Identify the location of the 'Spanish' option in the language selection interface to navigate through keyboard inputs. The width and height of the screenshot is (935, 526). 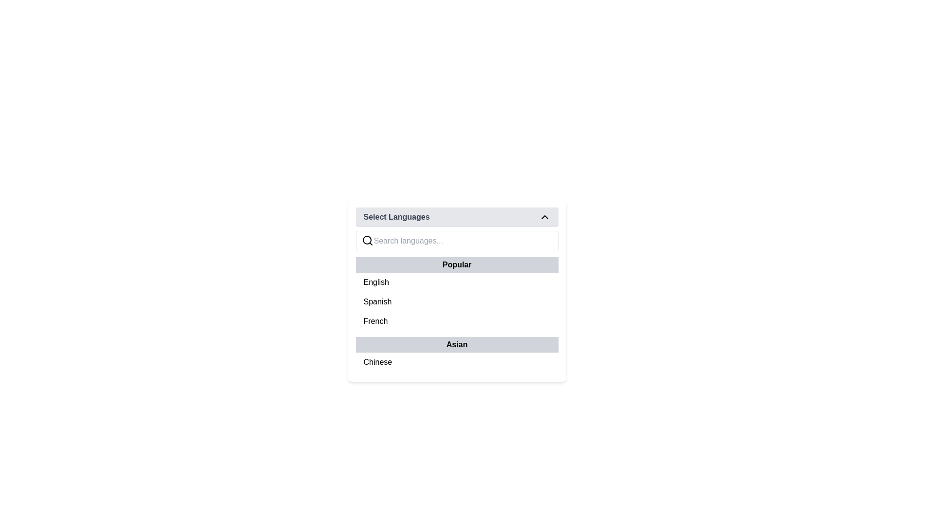
(456, 301).